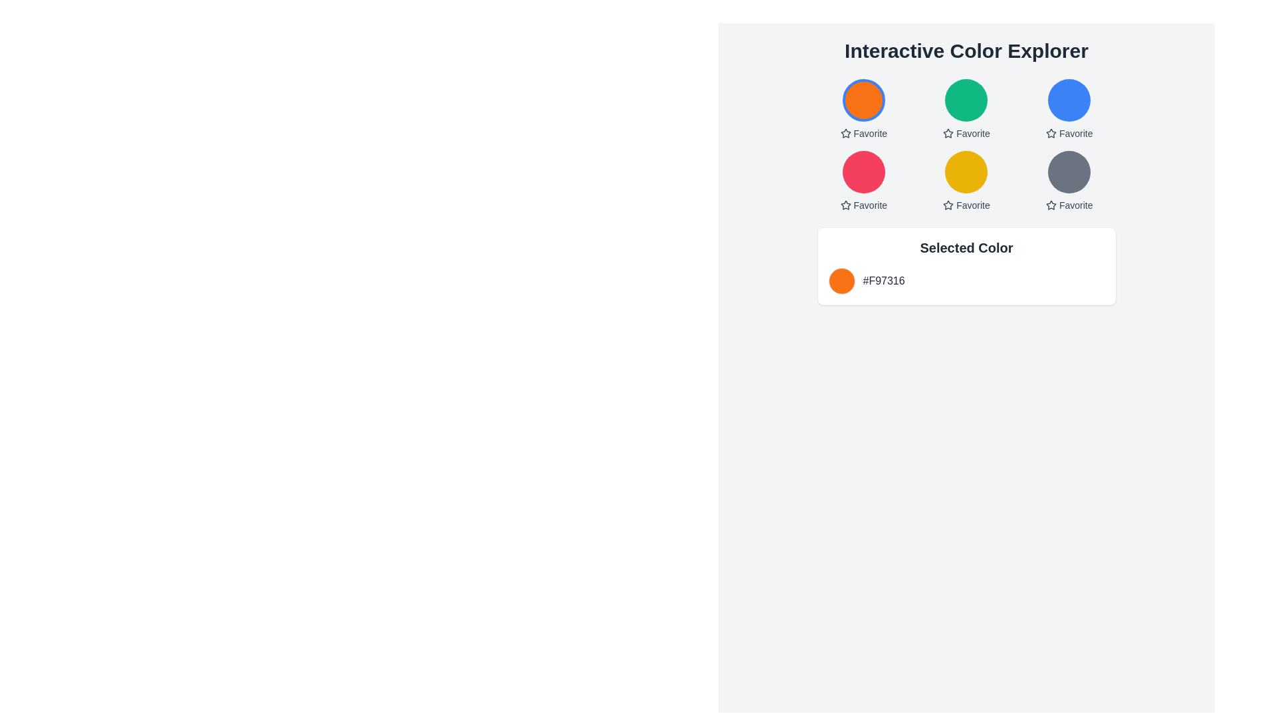  What do you see at coordinates (1050, 205) in the screenshot?
I see `the star-shaped icon` at bounding box center [1050, 205].